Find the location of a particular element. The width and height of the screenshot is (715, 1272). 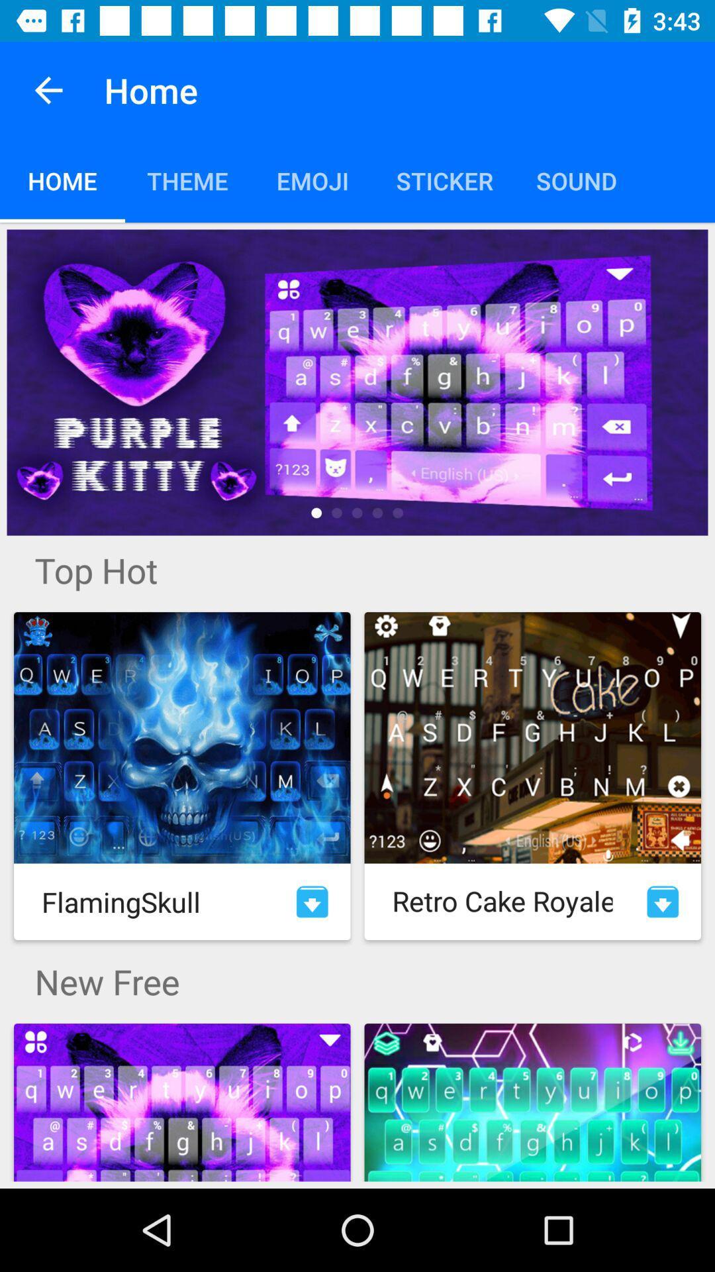

see more details is located at coordinates (358, 382).